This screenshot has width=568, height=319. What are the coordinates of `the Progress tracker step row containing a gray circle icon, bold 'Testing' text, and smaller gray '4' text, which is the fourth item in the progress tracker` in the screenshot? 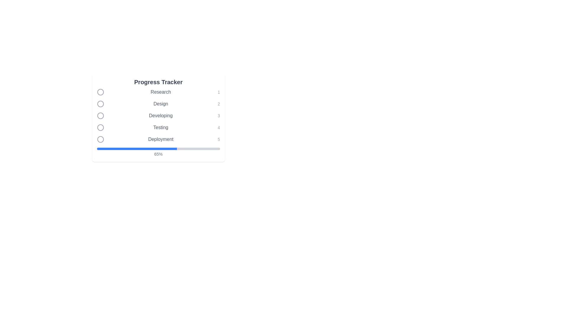 It's located at (158, 127).